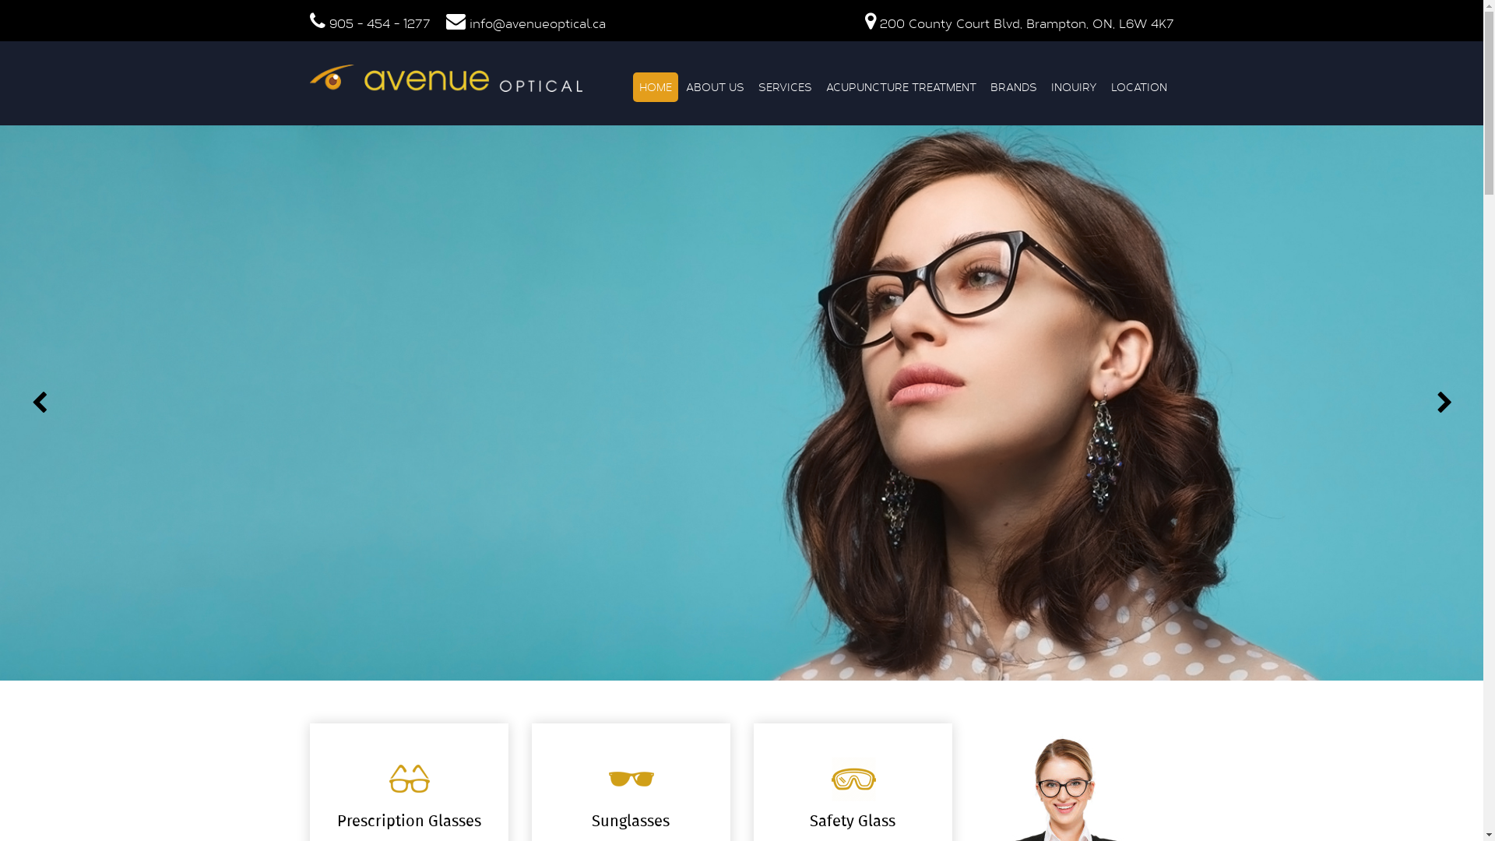 The image size is (1495, 841). What do you see at coordinates (536, 23) in the screenshot?
I see `'info@avenueoptical.ca'` at bounding box center [536, 23].